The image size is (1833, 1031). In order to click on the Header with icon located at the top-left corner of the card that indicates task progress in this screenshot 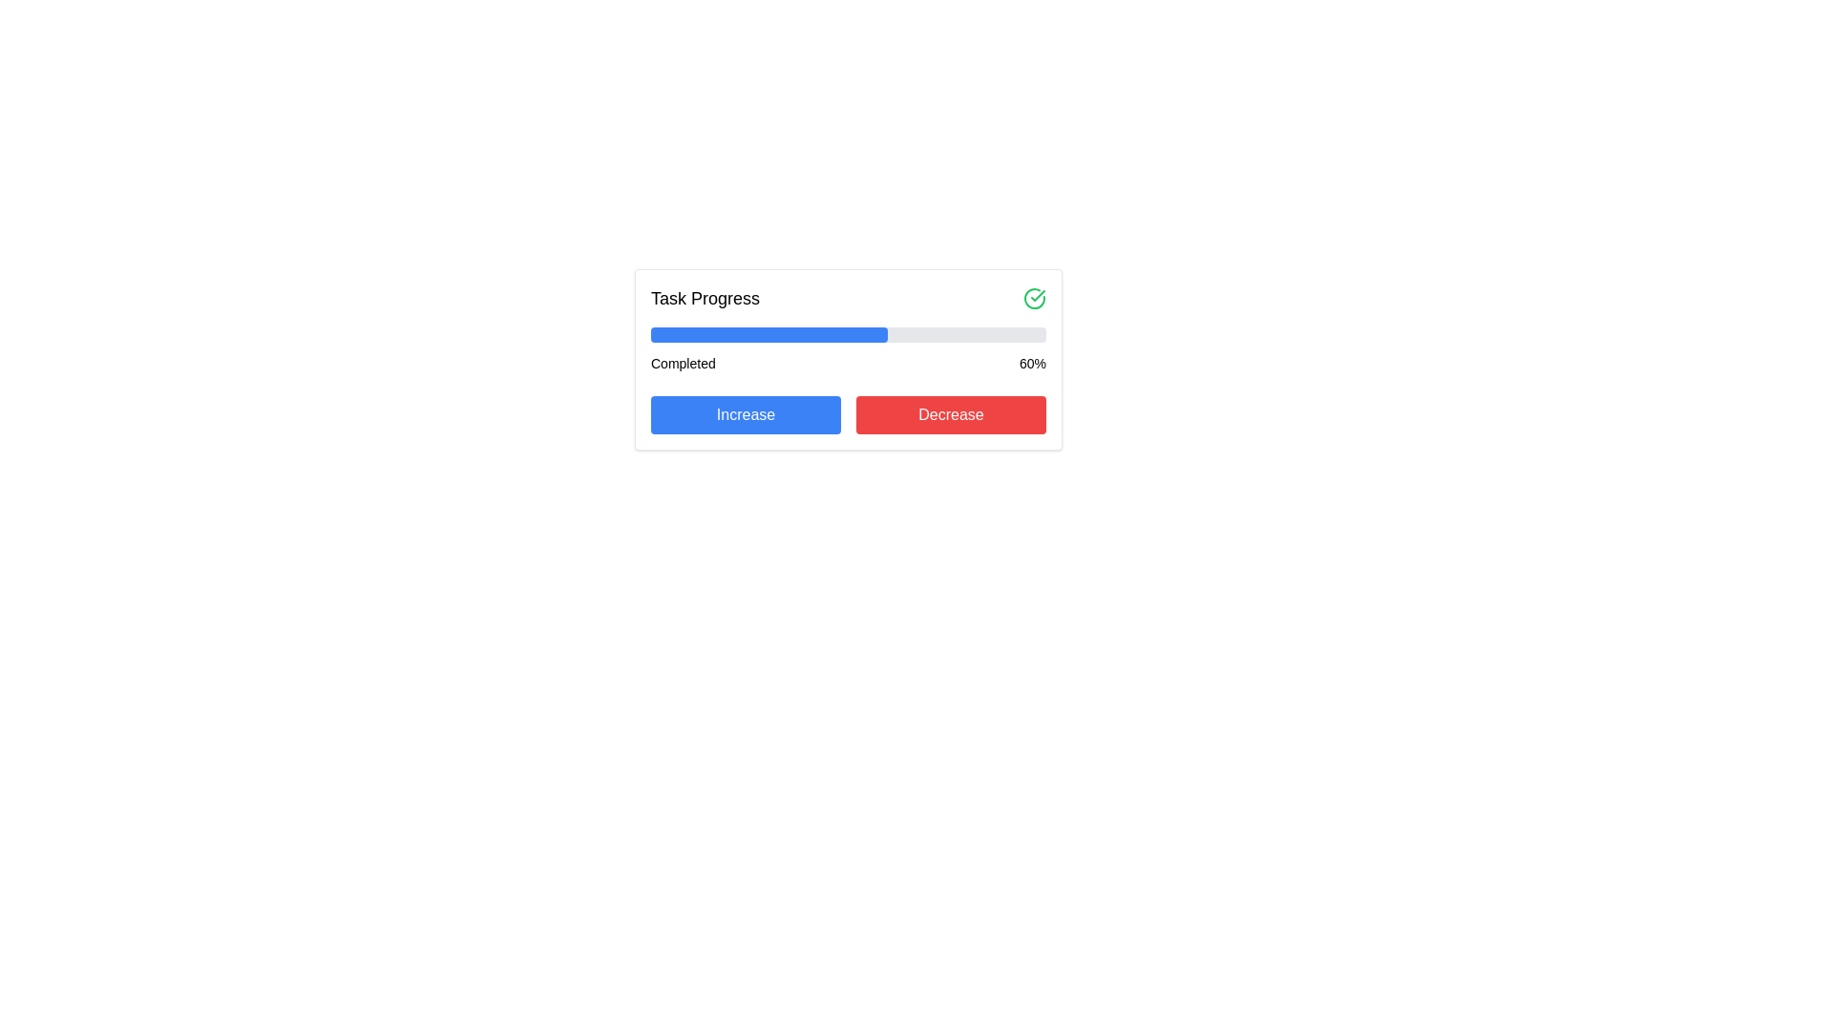, I will do `click(847, 298)`.